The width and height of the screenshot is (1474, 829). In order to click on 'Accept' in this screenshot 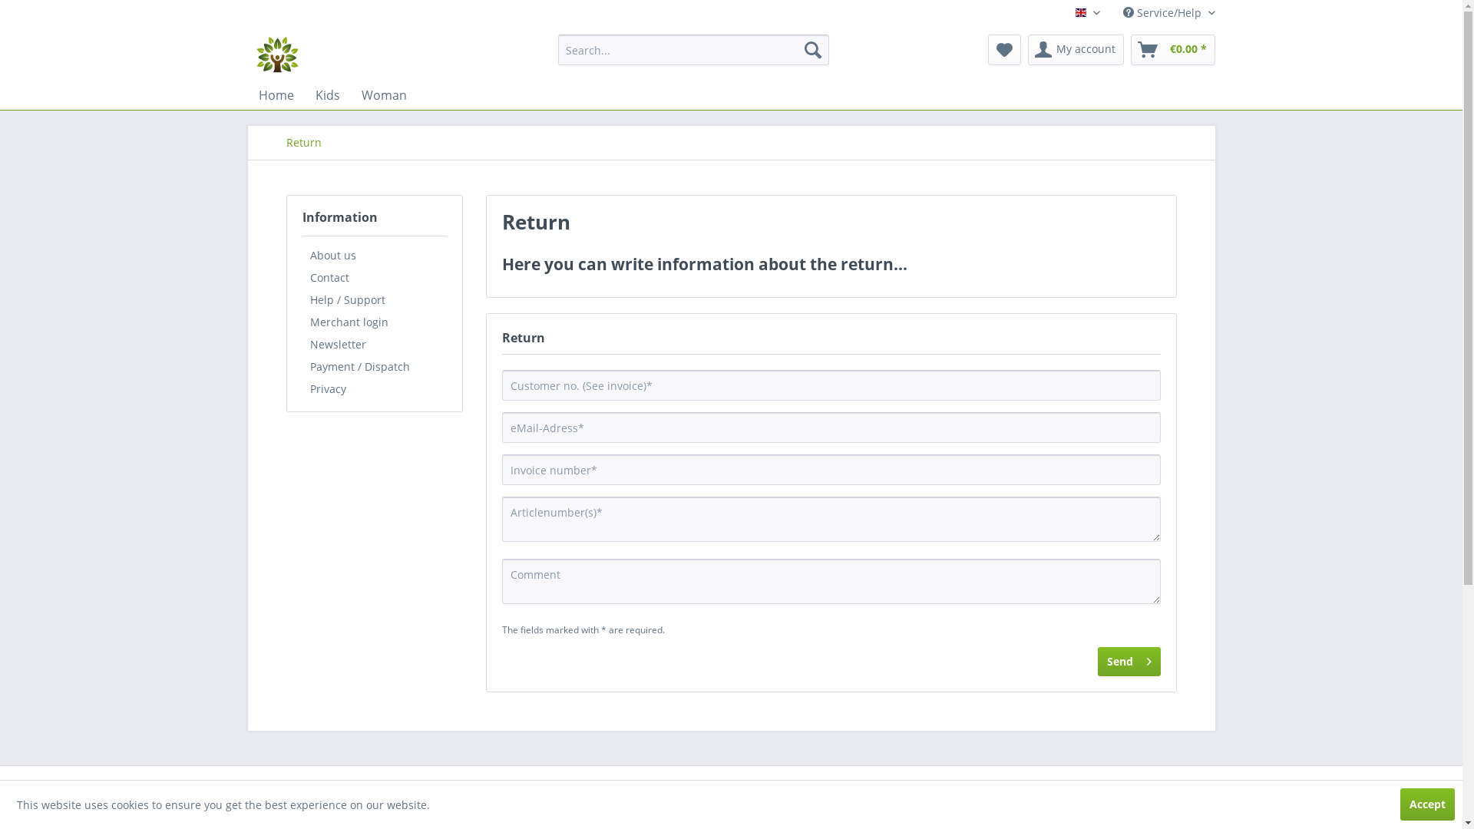, I will do `click(1426, 804)`.